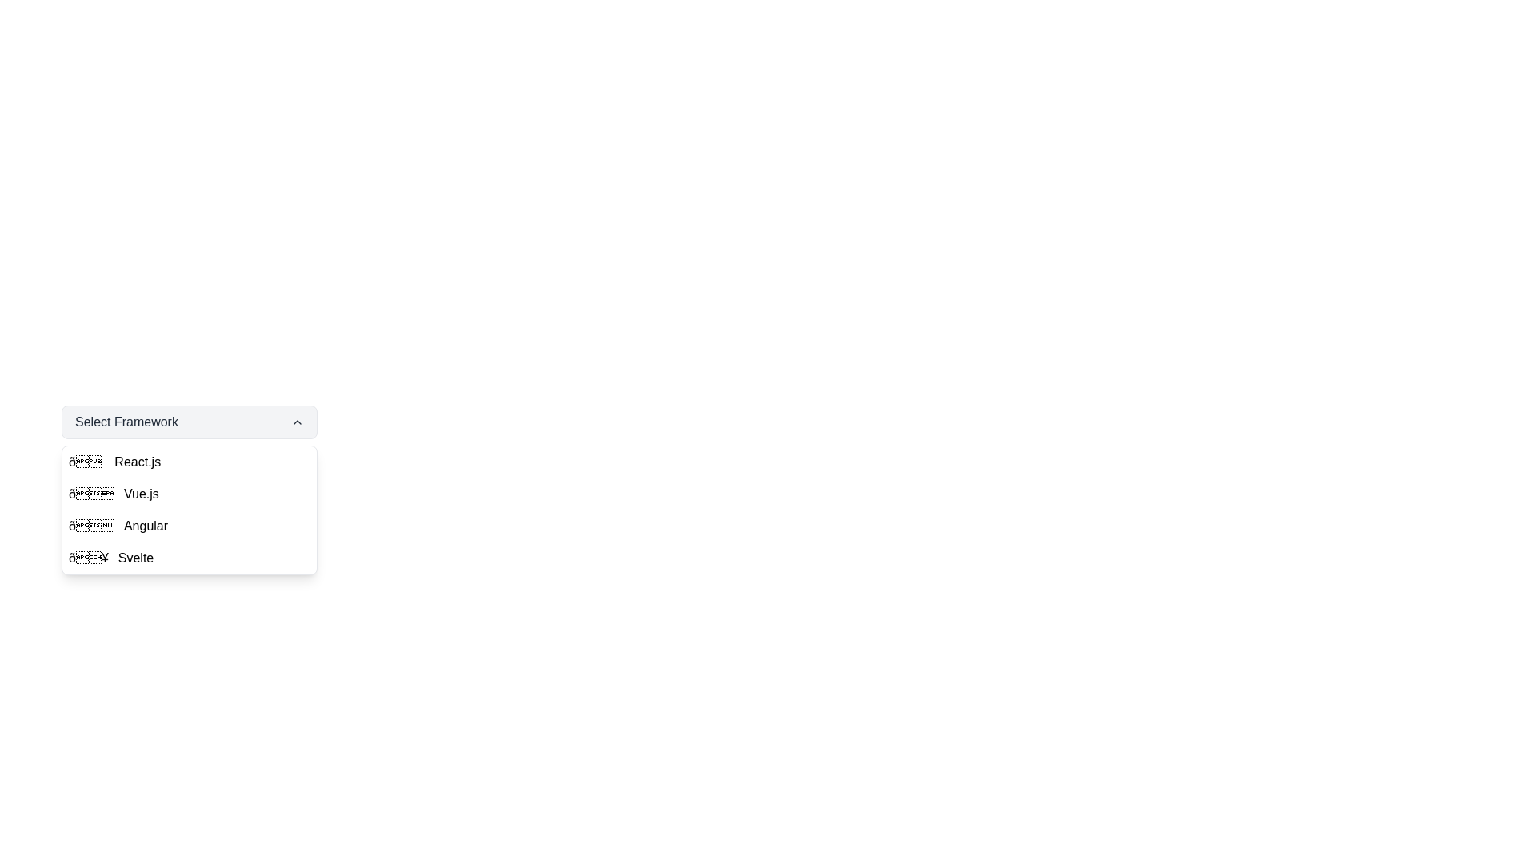 Image resolution: width=1536 pixels, height=864 pixels. I want to click on text 'Vue.js' from the second option in the dropdown list, which is styled with a clean, sans-serif font and positioned to the right of an icon, so click(141, 493).